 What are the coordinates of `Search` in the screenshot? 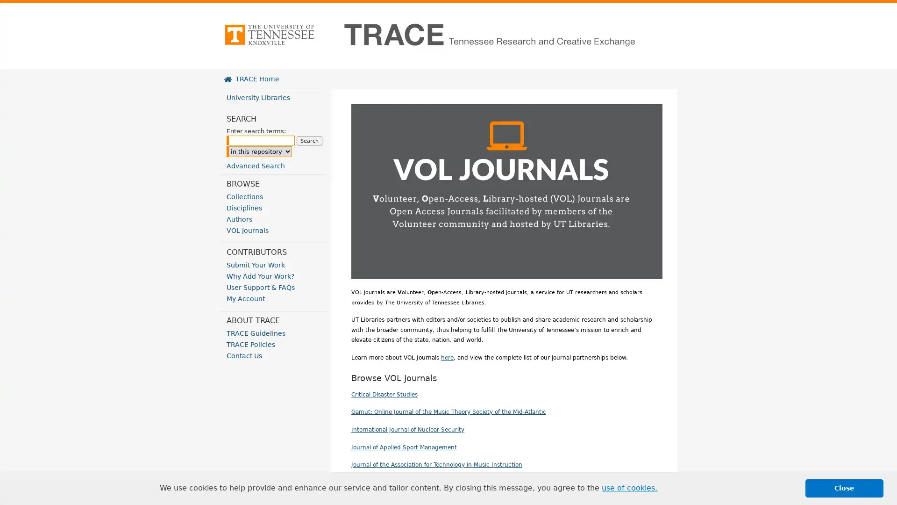 It's located at (309, 141).